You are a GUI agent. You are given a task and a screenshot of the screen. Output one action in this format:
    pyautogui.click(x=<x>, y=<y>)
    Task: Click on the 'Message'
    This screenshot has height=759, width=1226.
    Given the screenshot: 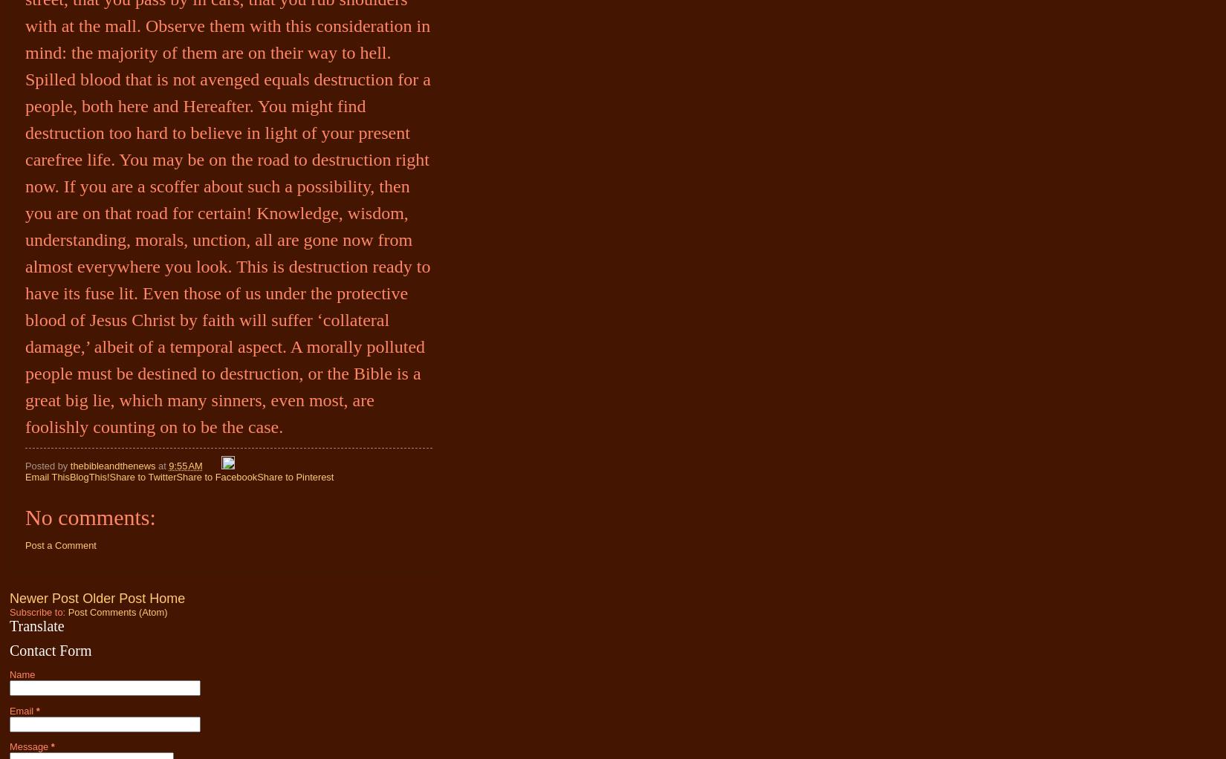 What is the action you would take?
    pyautogui.click(x=30, y=746)
    